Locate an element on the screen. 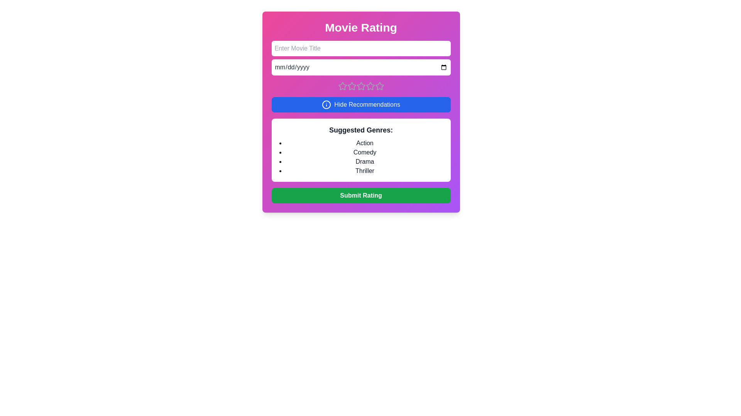 This screenshot has width=741, height=416. the date picker input field to open the date selection interface is located at coordinates (360, 67).